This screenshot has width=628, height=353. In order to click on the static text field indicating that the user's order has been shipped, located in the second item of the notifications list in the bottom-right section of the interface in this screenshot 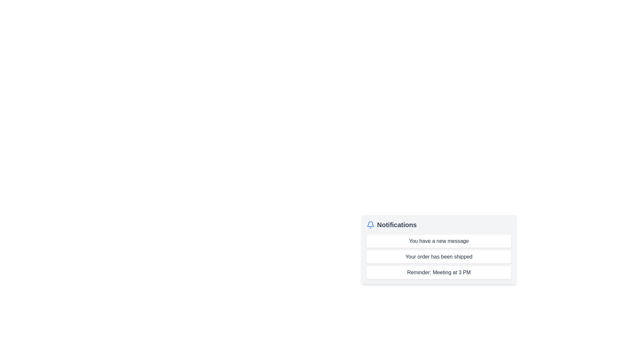, I will do `click(439, 257)`.